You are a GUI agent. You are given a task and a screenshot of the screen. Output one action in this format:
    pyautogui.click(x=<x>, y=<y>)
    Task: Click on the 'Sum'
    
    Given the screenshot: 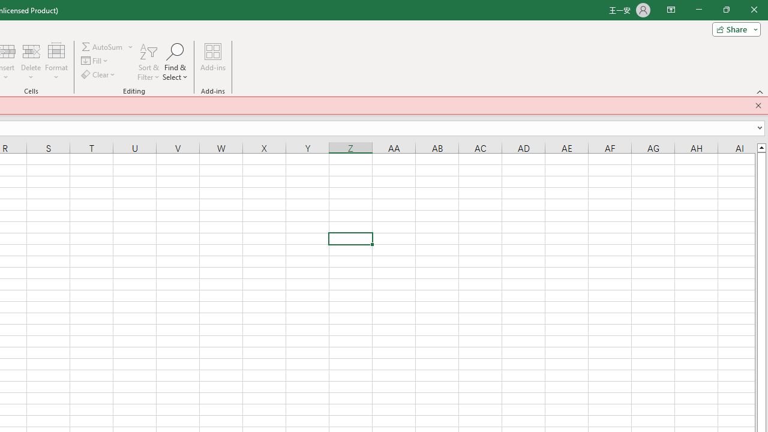 What is the action you would take?
    pyautogui.click(x=103, y=46)
    